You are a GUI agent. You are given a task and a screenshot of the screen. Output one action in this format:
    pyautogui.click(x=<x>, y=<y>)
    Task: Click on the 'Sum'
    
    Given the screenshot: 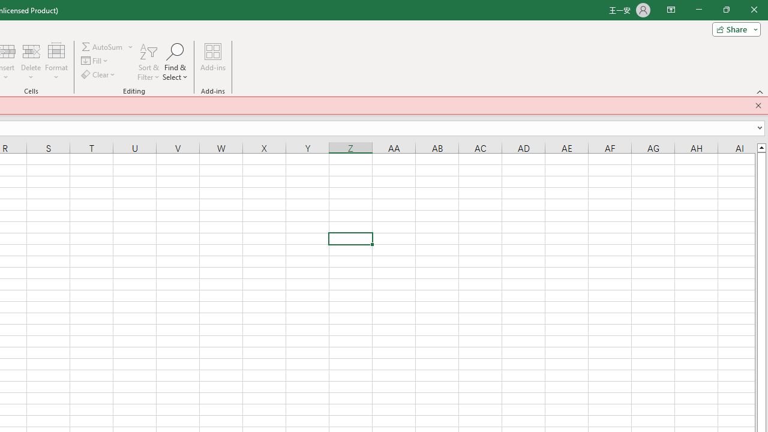 What is the action you would take?
    pyautogui.click(x=103, y=46)
    